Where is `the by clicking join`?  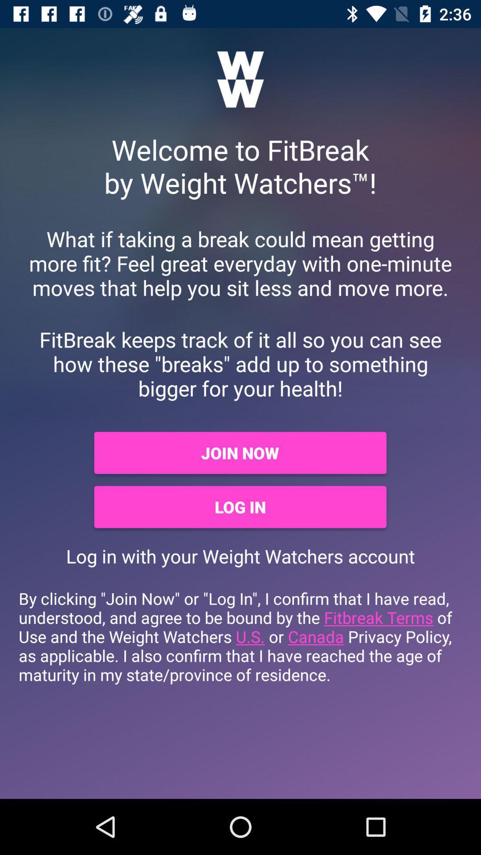 the by clicking join is located at coordinates (240, 636).